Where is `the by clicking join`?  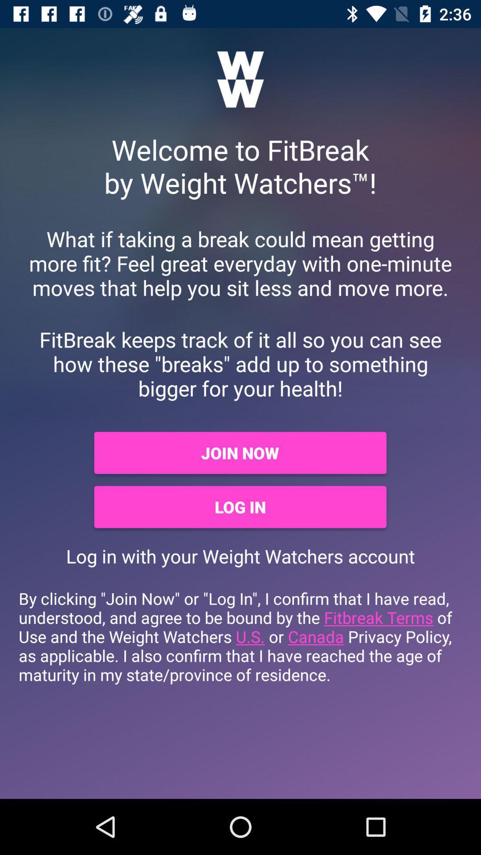 the by clicking join is located at coordinates (240, 636).